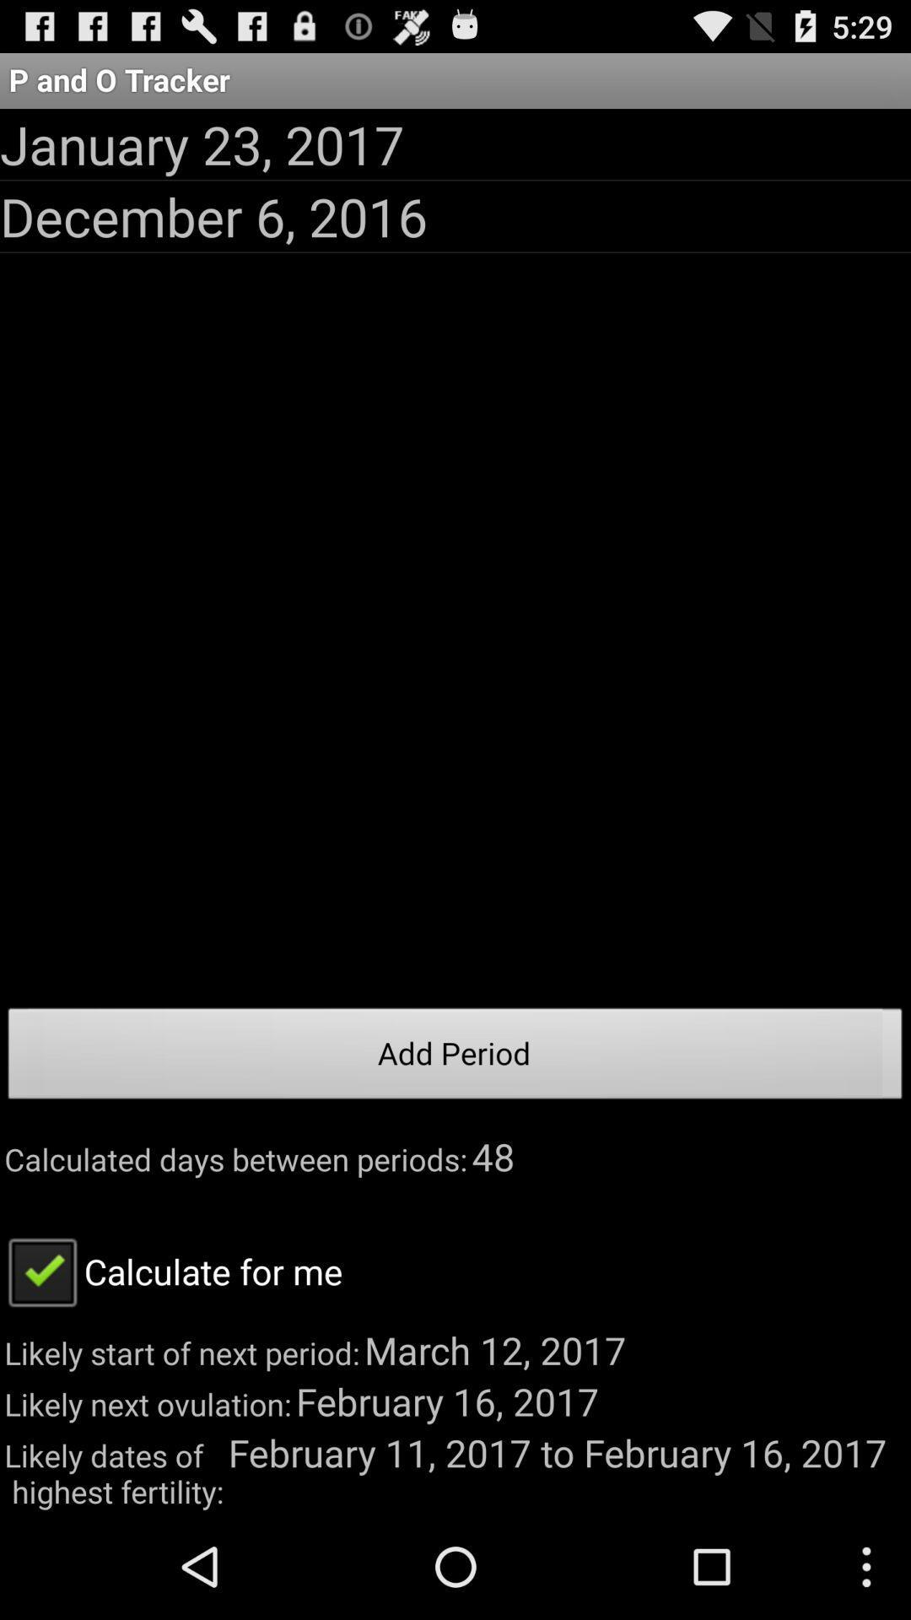  I want to click on app below january 23, 2017 app, so click(213, 215).